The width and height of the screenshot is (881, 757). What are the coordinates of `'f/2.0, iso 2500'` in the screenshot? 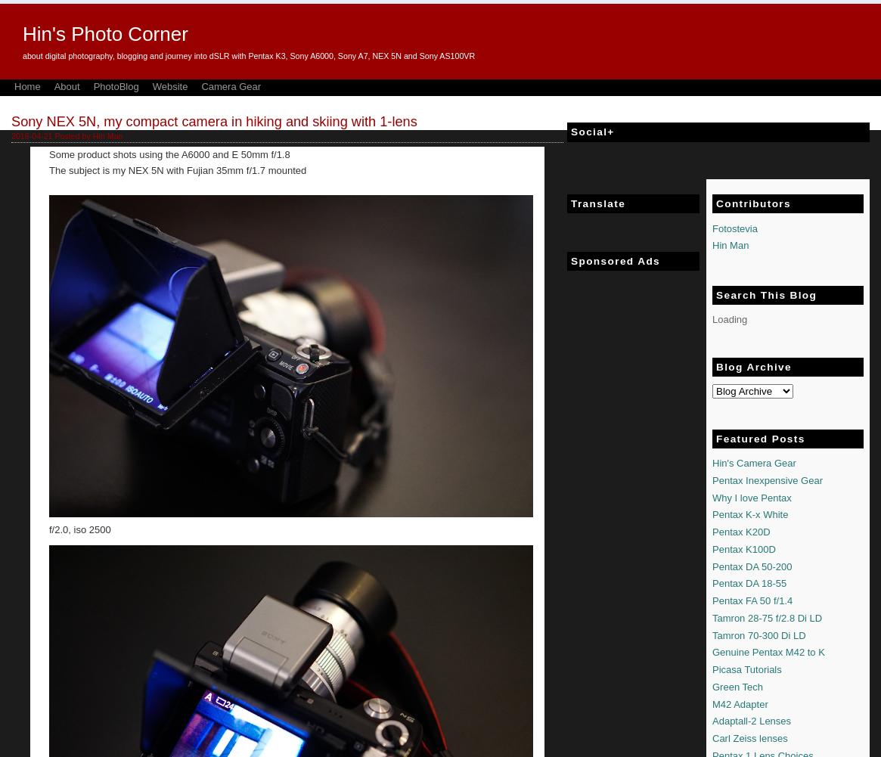 It's located at (79, 528).